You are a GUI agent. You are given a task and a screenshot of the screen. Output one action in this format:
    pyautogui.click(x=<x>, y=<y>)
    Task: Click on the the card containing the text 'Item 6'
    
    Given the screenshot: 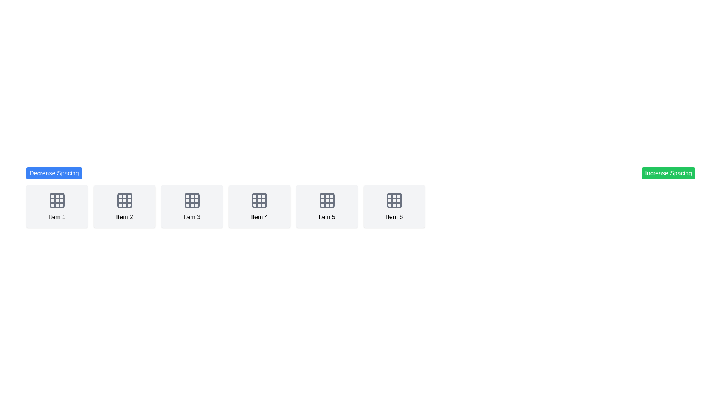 What is the action you would take?
    pyautogui.click(x=394, y=217)
    